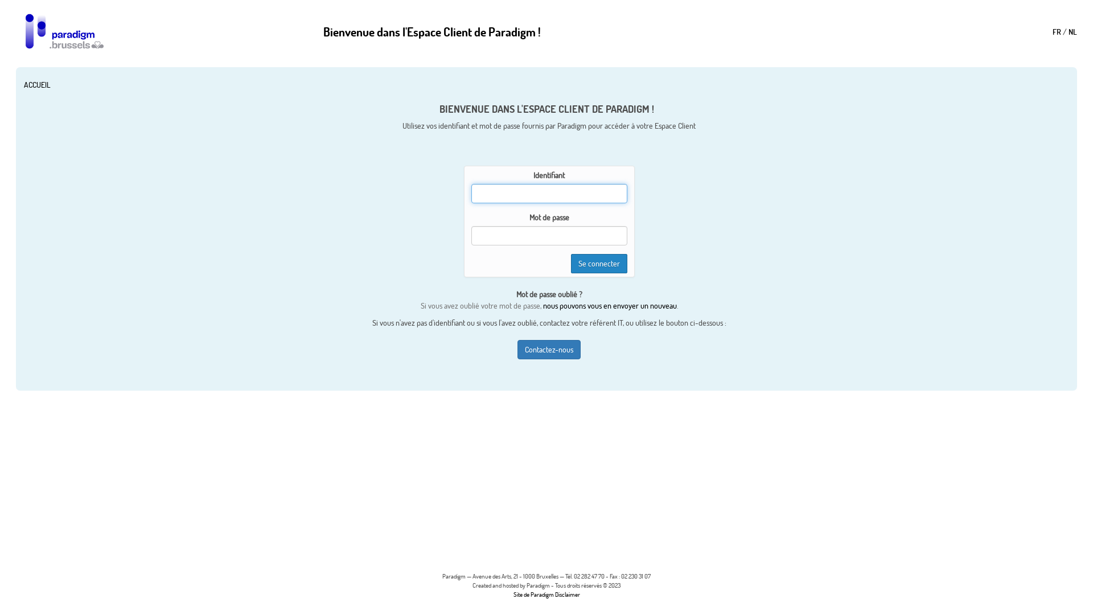  Describe the element at coordinates (549, 348) in the screenshot. I see `'Contactez-nous'` at that location.